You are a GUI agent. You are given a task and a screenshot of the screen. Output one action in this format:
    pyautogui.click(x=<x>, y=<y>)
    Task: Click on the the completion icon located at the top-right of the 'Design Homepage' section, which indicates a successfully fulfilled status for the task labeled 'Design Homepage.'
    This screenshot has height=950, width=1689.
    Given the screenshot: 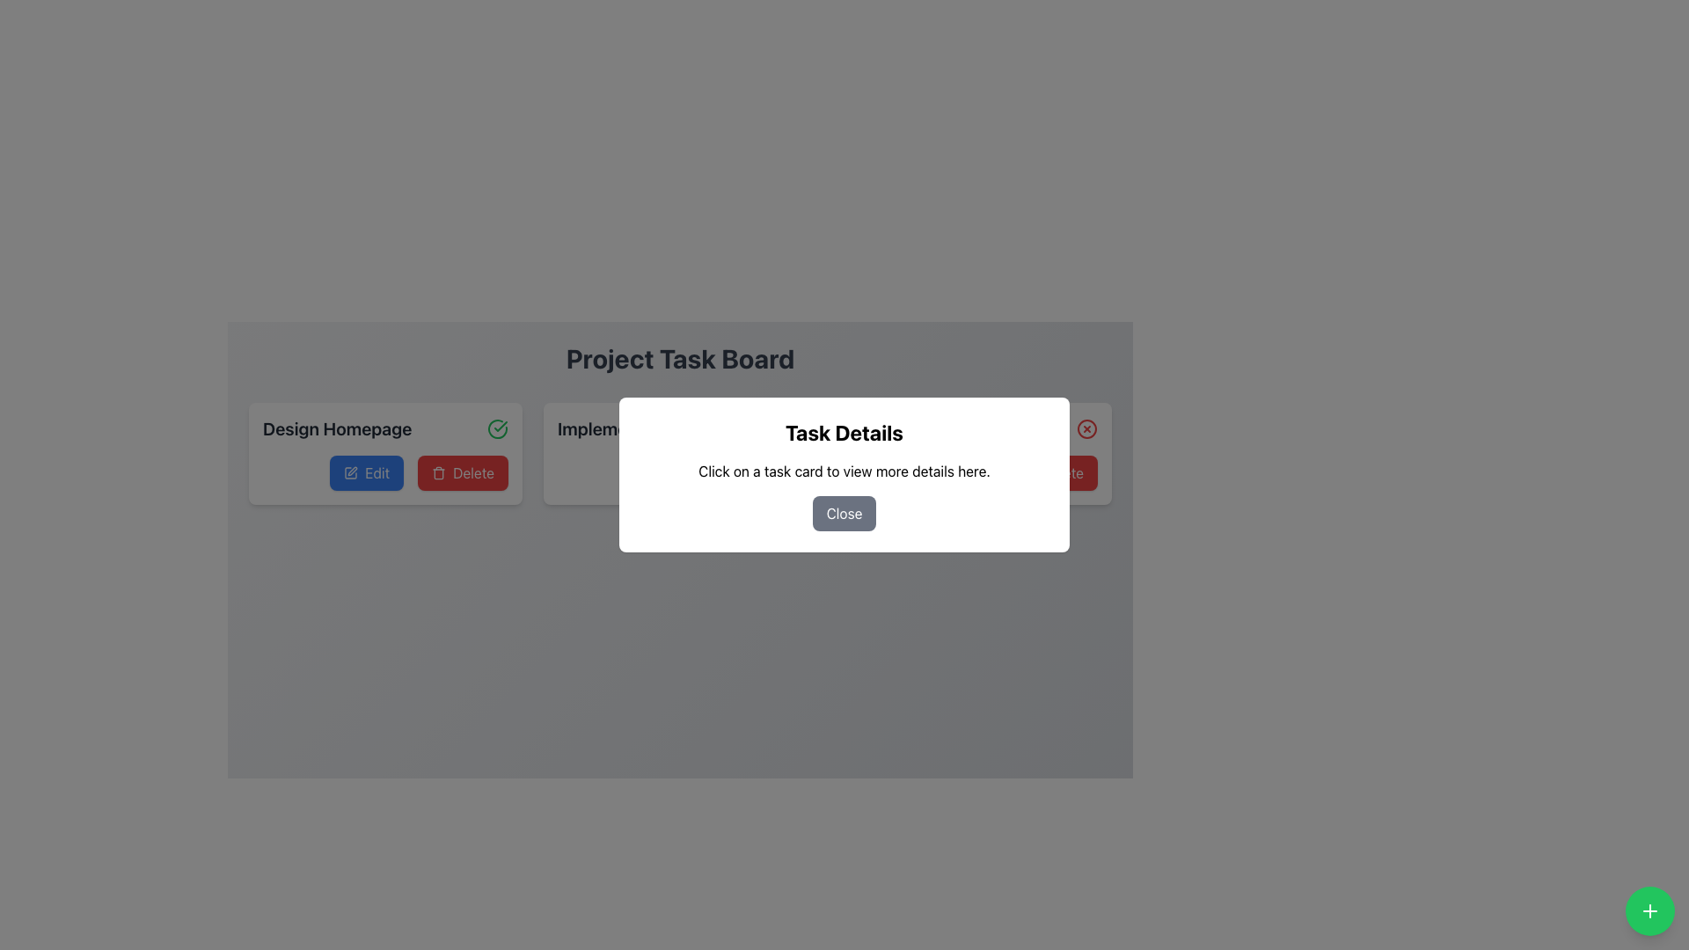 What is the action you would take?
    pyautogui.click(x=497, y=429)
    